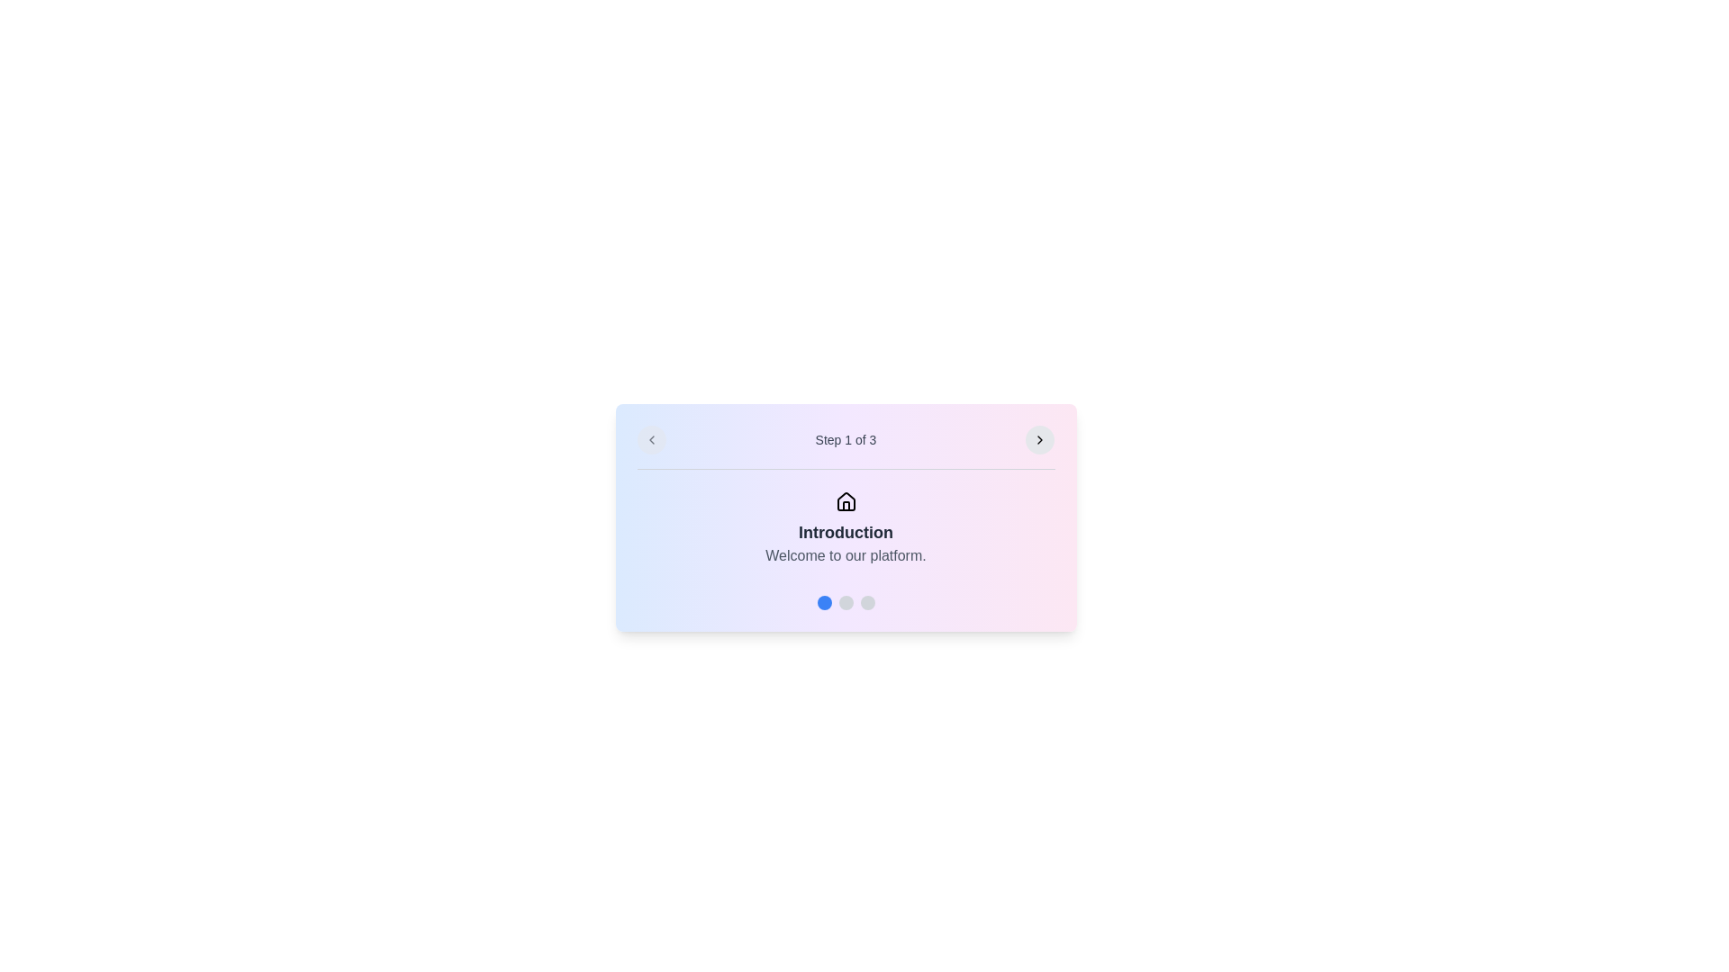  What do you see at coordinates (1040, 440) in the screenshot?
I see `the chevron-right icon located in the top-right corner of the navigation header to proceed to the next step in the wizard` at bounding box center [1040, 440].